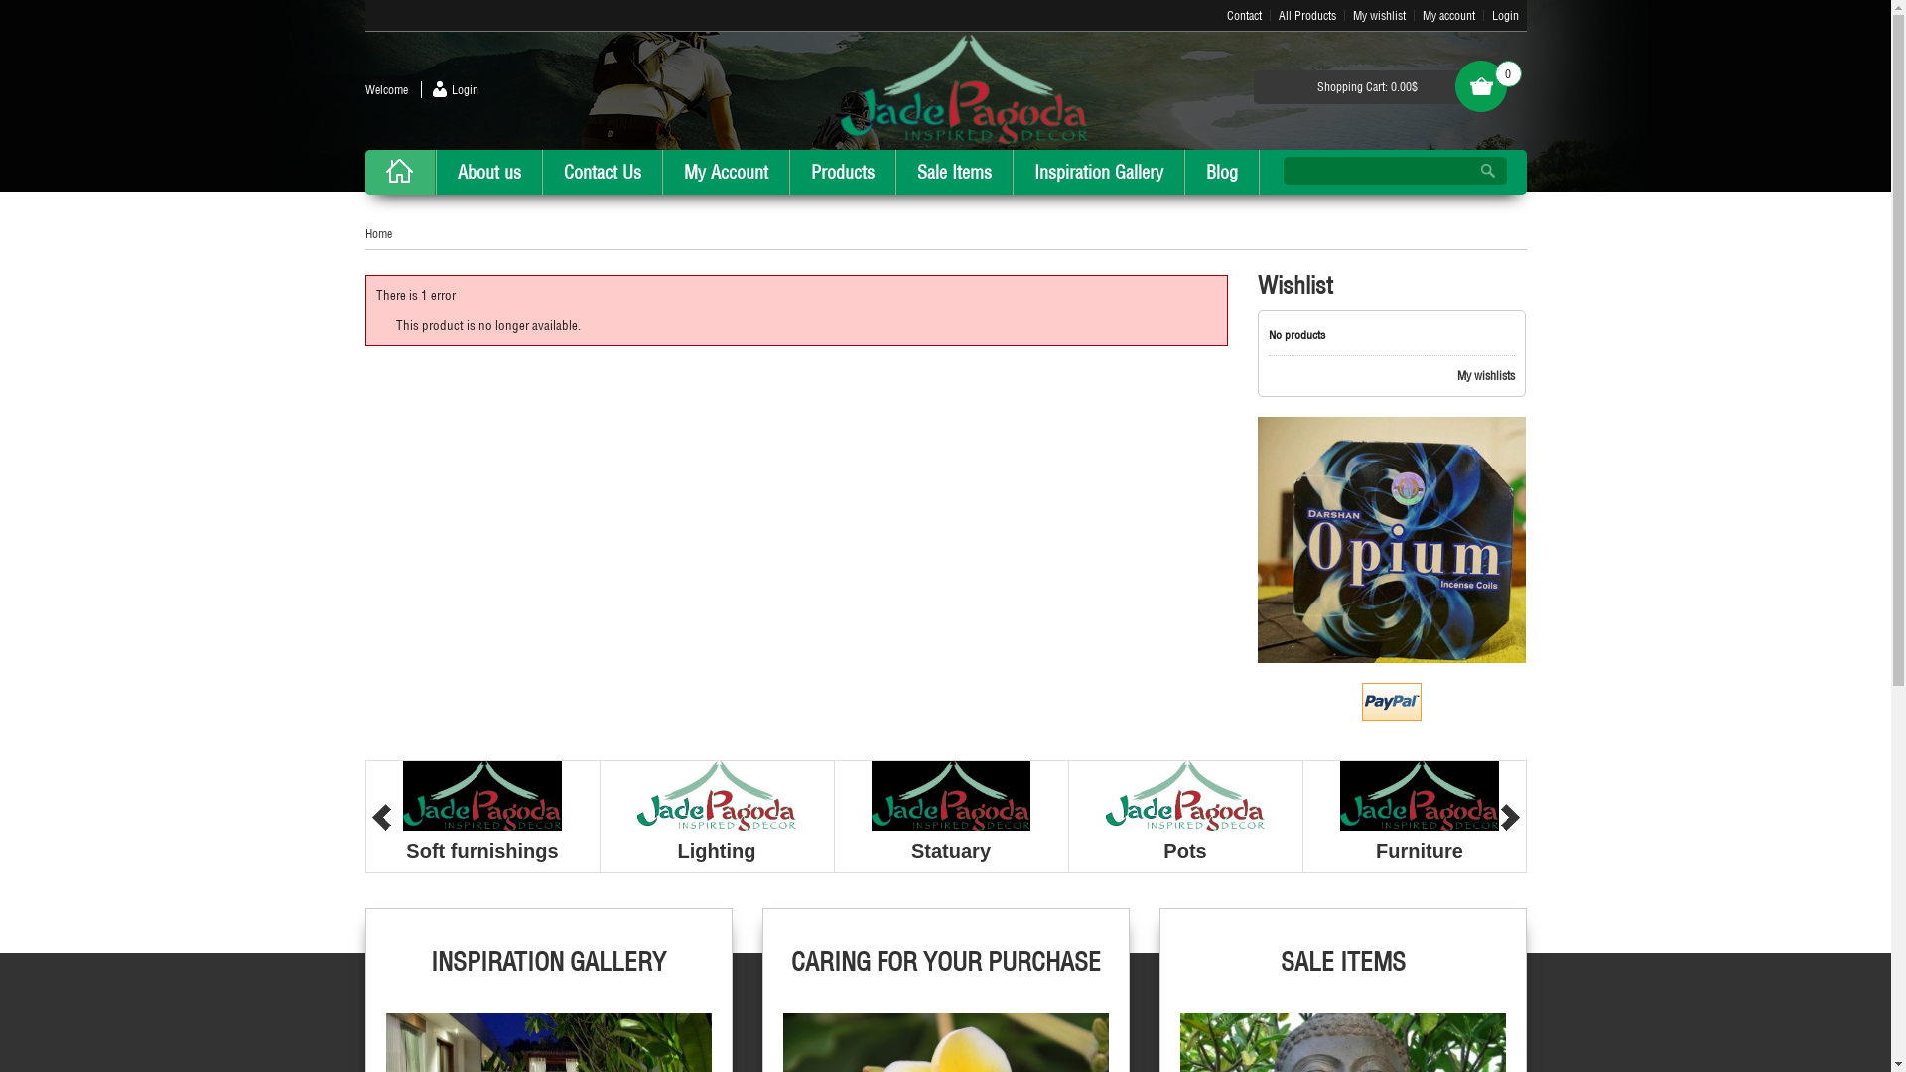  What do you see at coordinates (378, 232) in the screenshot?
I see `'Home'` at bounding box center [378, 232].